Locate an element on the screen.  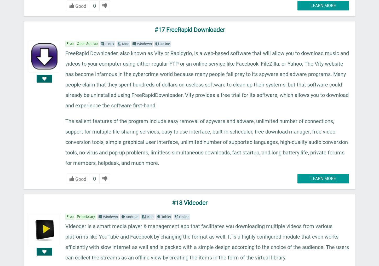
'Proprietary' is located at coordinates (86, 216).